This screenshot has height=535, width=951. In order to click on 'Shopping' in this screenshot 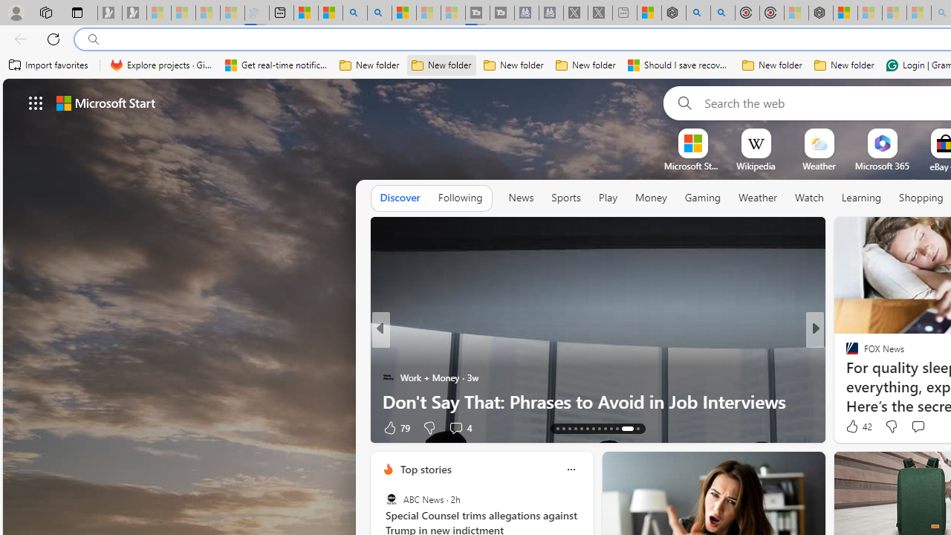, I will do `click(921, 197)`.